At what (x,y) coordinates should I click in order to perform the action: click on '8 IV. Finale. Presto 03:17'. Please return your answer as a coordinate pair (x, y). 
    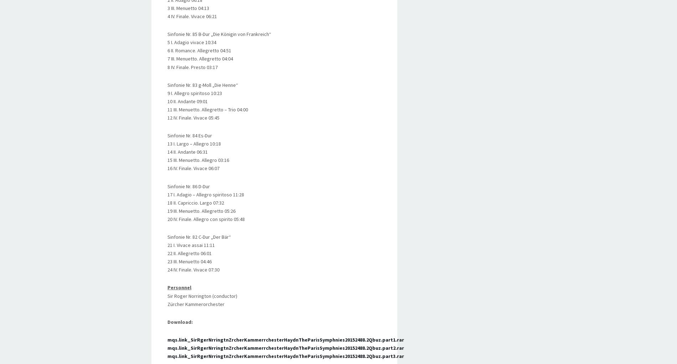
    Looking at the image, I should click on (167, 67).